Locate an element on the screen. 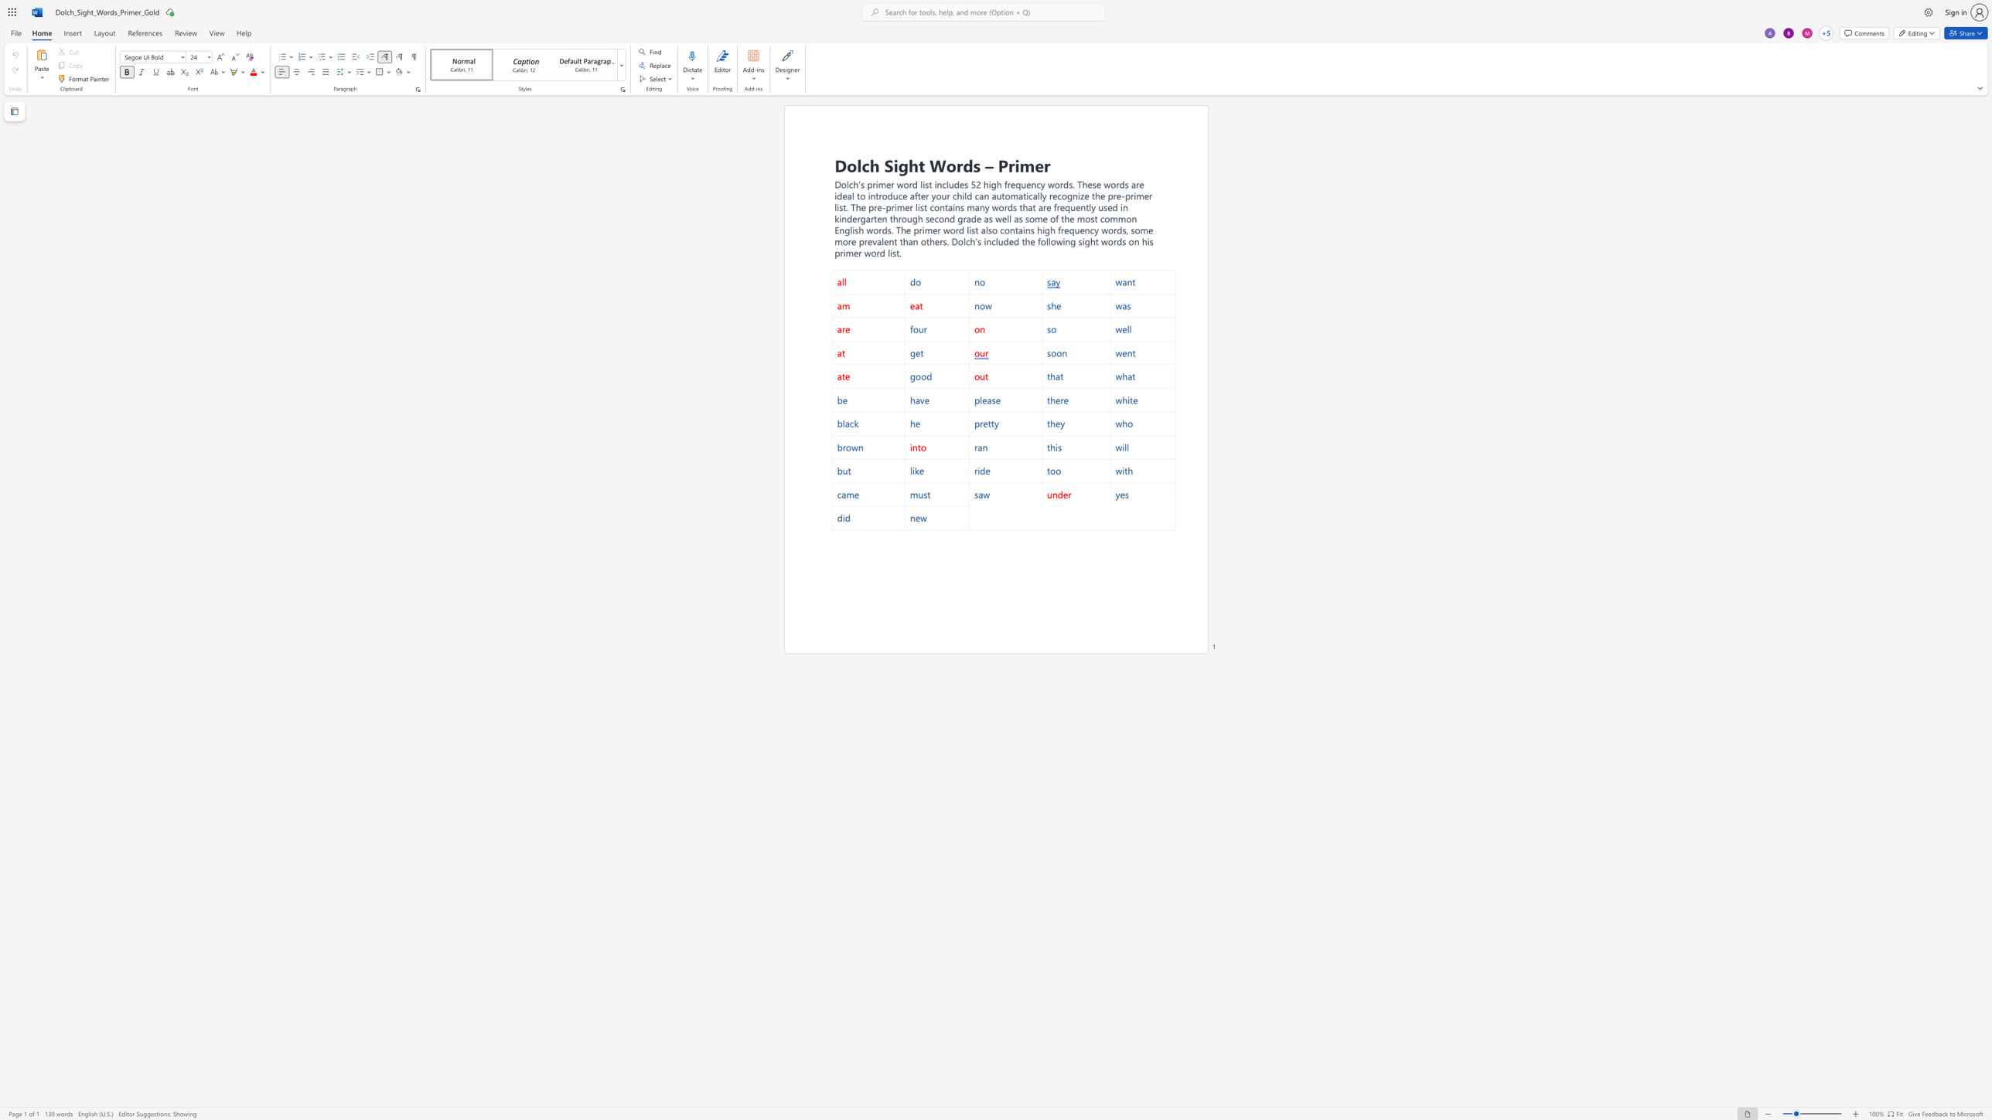 This screenshot has width=1992, height=1120. the 1th character "g" in the text is located at coordinates (993, 183).